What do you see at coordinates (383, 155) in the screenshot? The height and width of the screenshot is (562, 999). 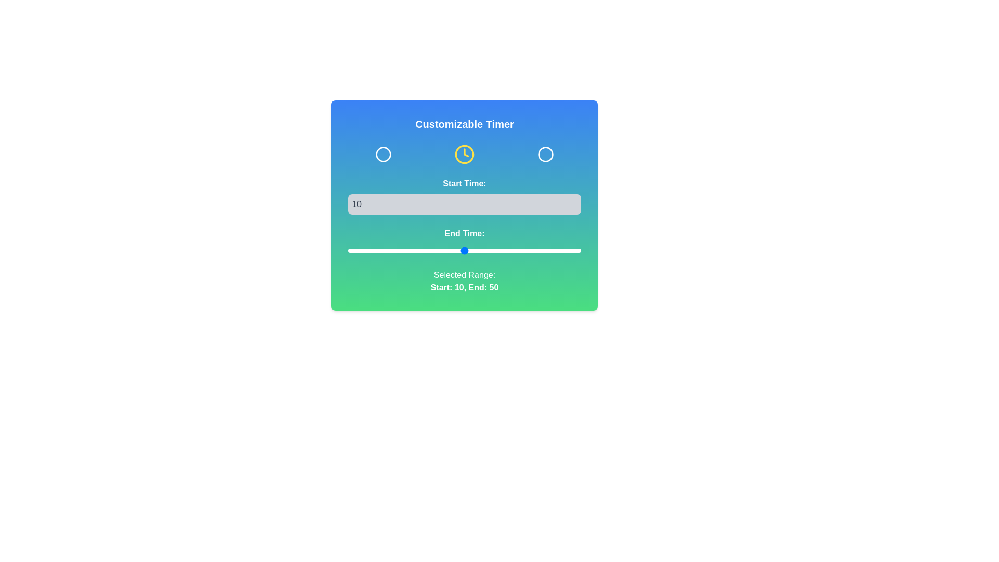 I see `the leftmost icon in a horizontal group of three symbols positioned at the top section of the interface to interact with it` at bounding box center [383, 155].